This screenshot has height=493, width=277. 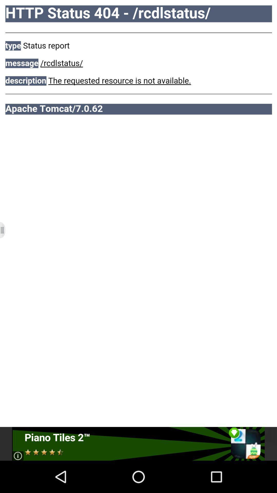 What do you see at coordinates (138, 443) in the screenshot?
I see `important to know` at bounding box center [138, 443].